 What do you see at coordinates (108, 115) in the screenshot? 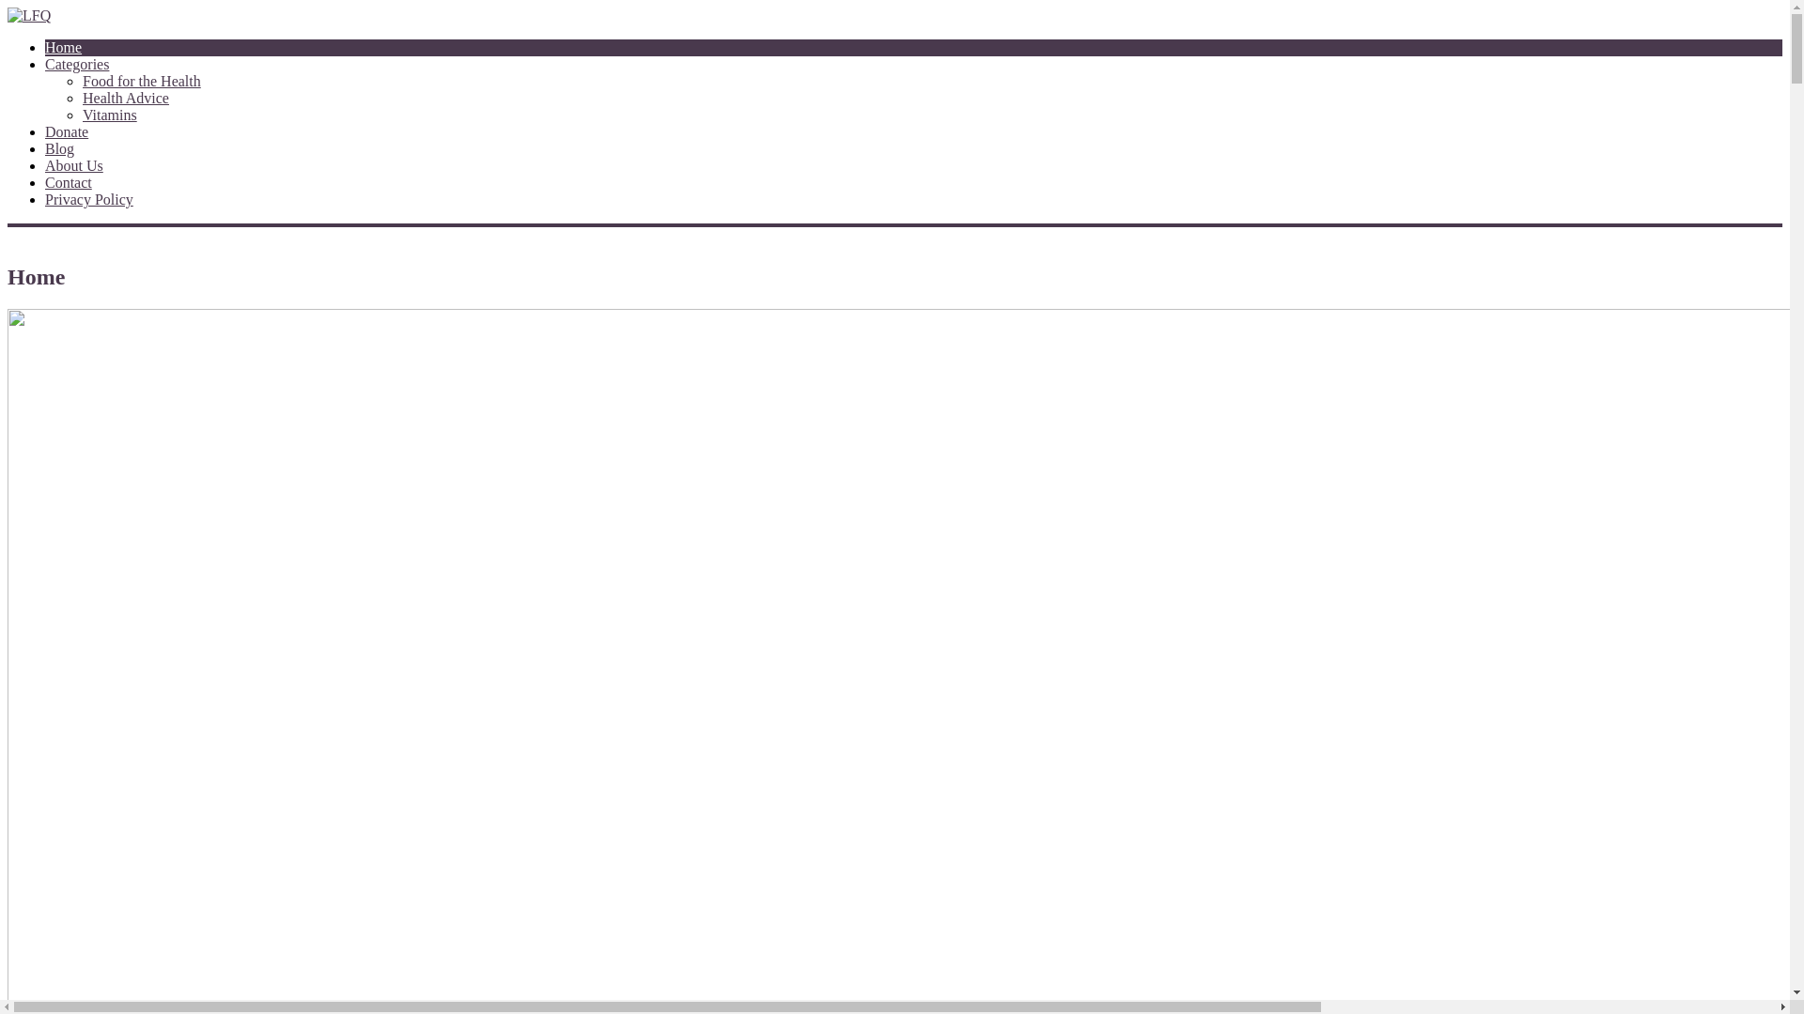
I see `'Vitamins'` at bounding box center [108, 115].